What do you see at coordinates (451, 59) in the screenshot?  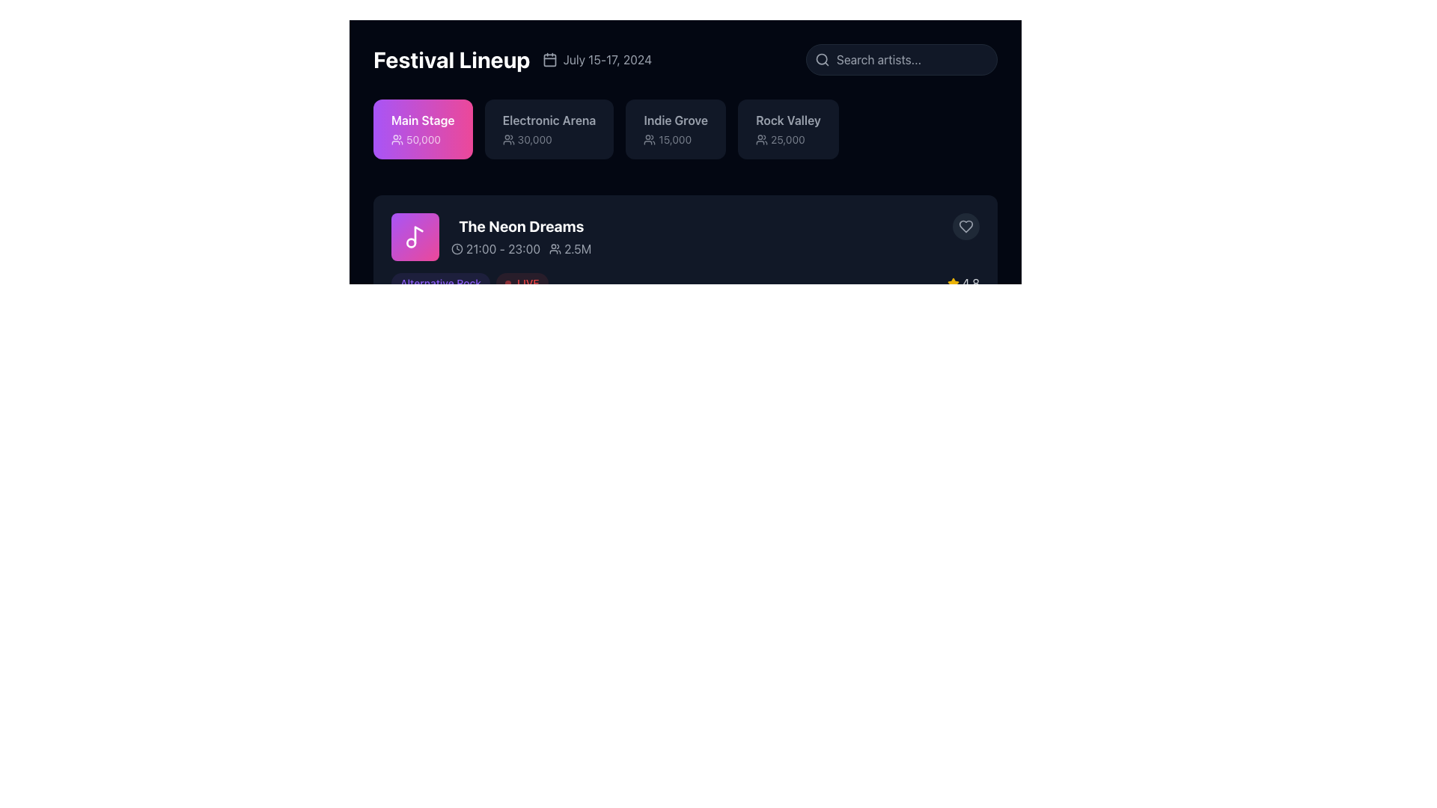 I see `the title text label 'Festival Lineup', which is bold and large-sized with white font against a dark background, located at the upper left section of its component` at bounding box center [451, 59].